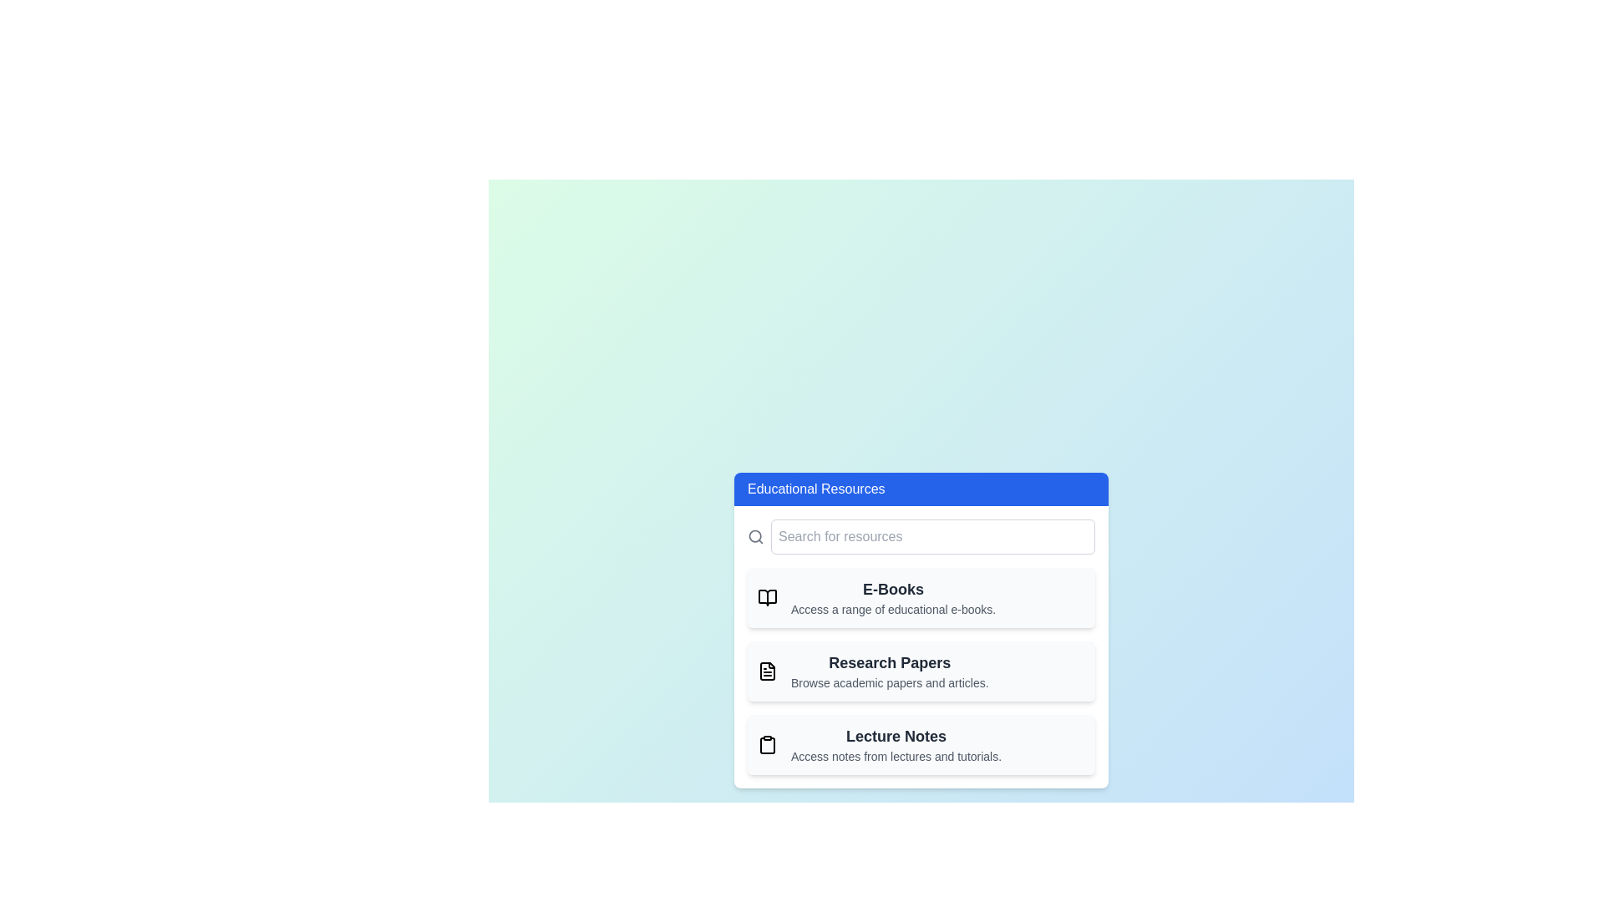 The height and width of the screenshot is (902, 1604). I want to click on the resource card titled 'E-Books', so click(921, 597).